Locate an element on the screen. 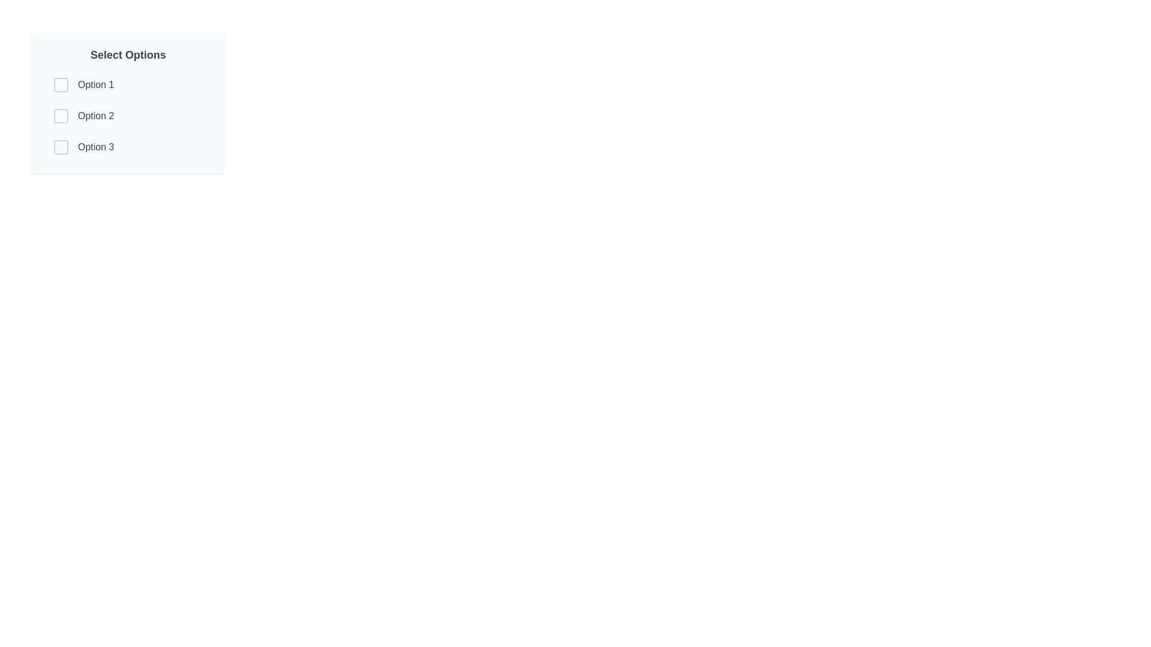 This screenshot has height=647, width=1151. the checkbox corresponding to 'Option 3' is located at coordinates (60, 147).